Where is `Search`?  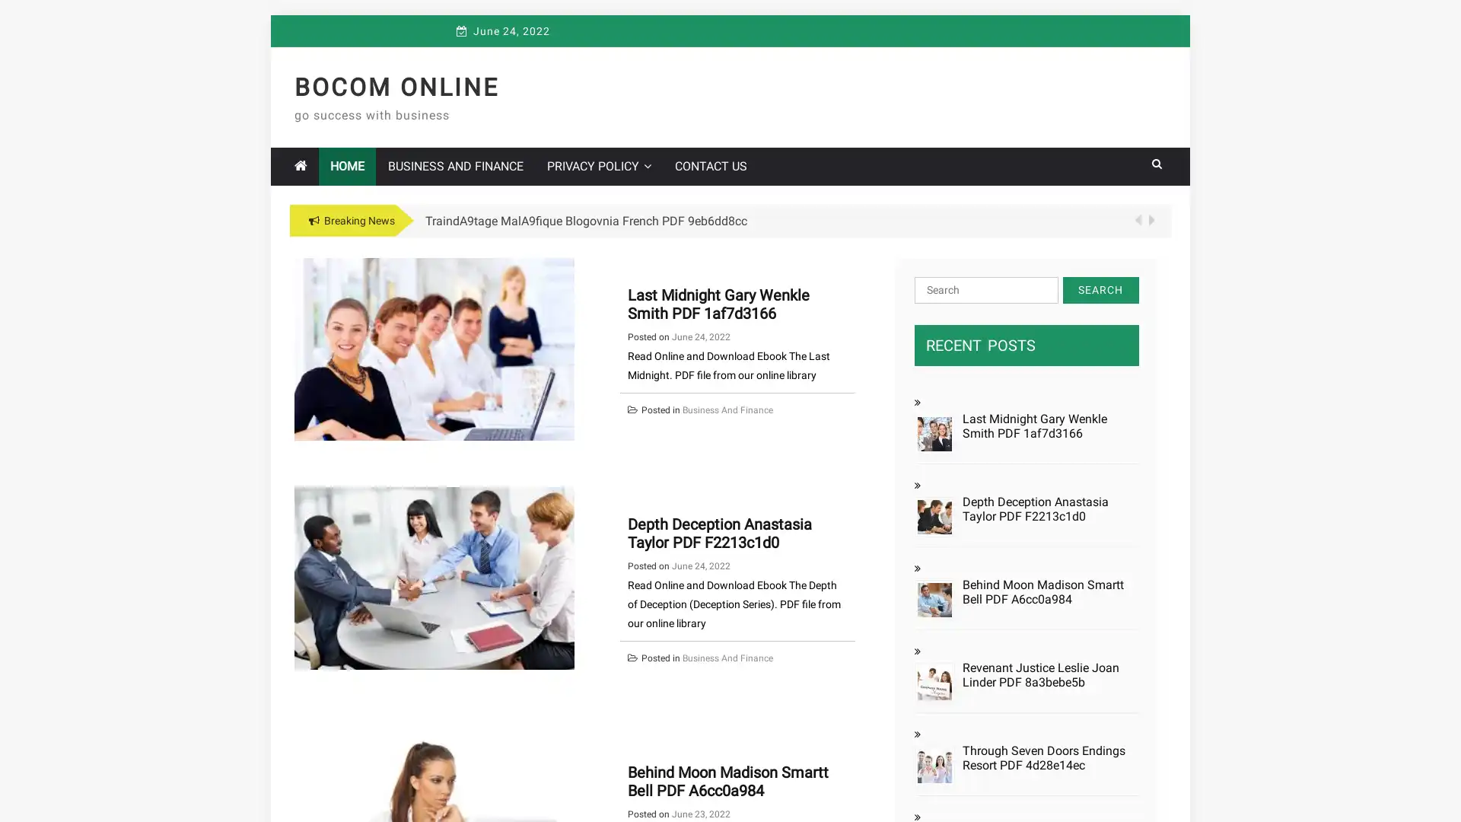 Search is located at coordinates (1100, 289).